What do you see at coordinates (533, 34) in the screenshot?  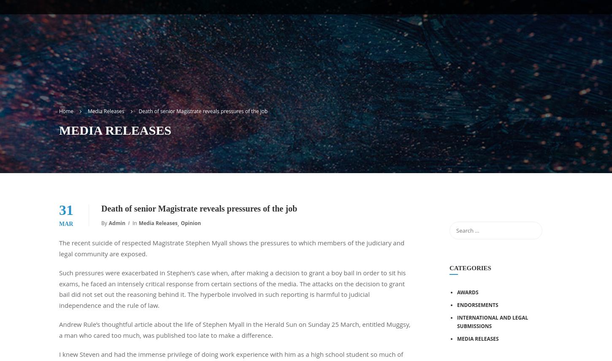 I see `'Events'` at bounding box center [533, 34].